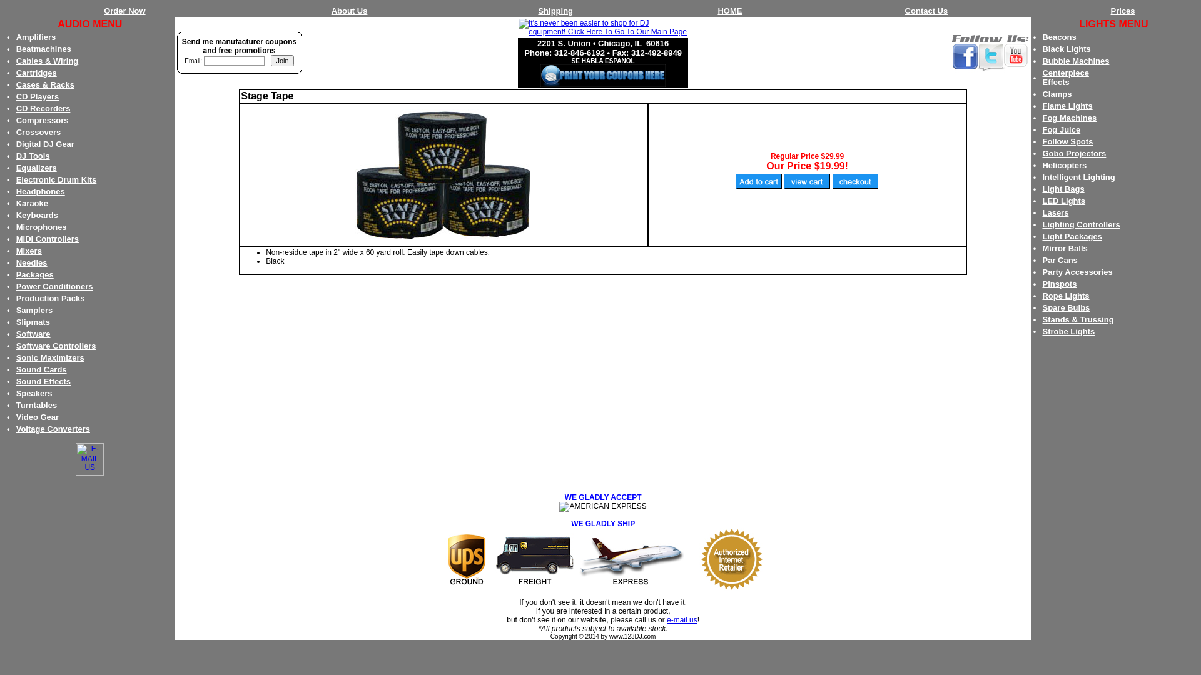  Describe the element at coordinates (1075, 61) in the screenshot. I see `'Bubble Machines'` at that location.